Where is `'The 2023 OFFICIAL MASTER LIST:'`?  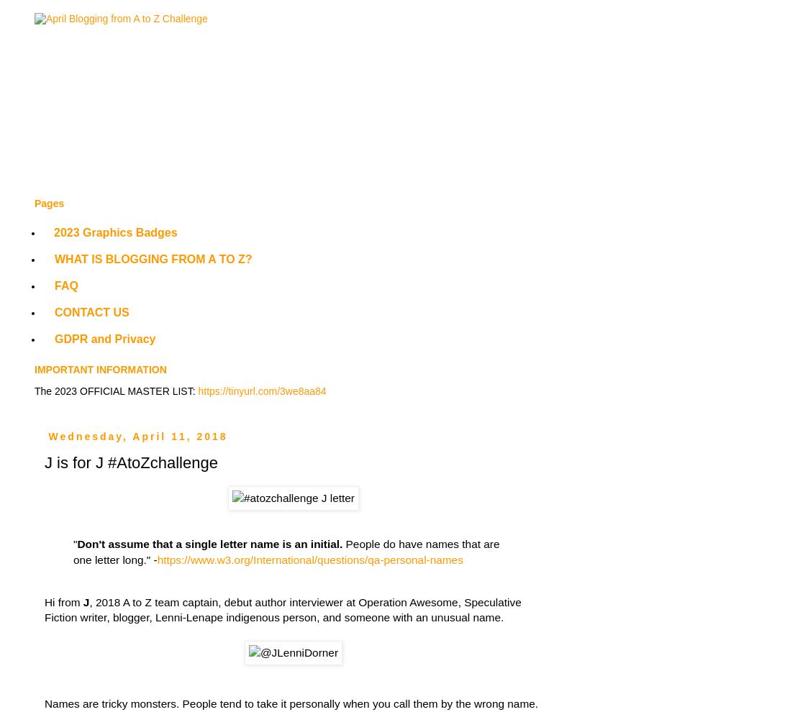 'The 2023 OFFICIAL MASTER LIST:' is located at coordinates (33, 390).